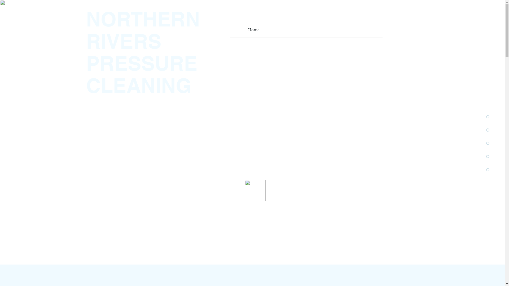 The image size is (509, 286). Describe the element at coordinates (305, 30) in the screenshot. I see `'Photos'` at that location.